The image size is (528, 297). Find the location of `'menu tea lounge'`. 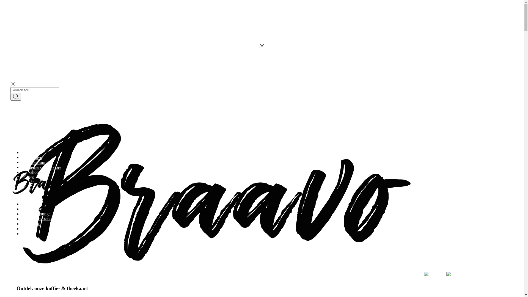

'menu tea lounge' is located at coordinates (21, 162).